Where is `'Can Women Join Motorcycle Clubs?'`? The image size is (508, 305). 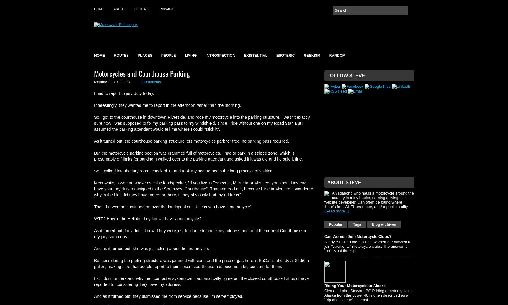
'Can Women Join Motorcycle Clubs?' is located at coordinates (357, 236).